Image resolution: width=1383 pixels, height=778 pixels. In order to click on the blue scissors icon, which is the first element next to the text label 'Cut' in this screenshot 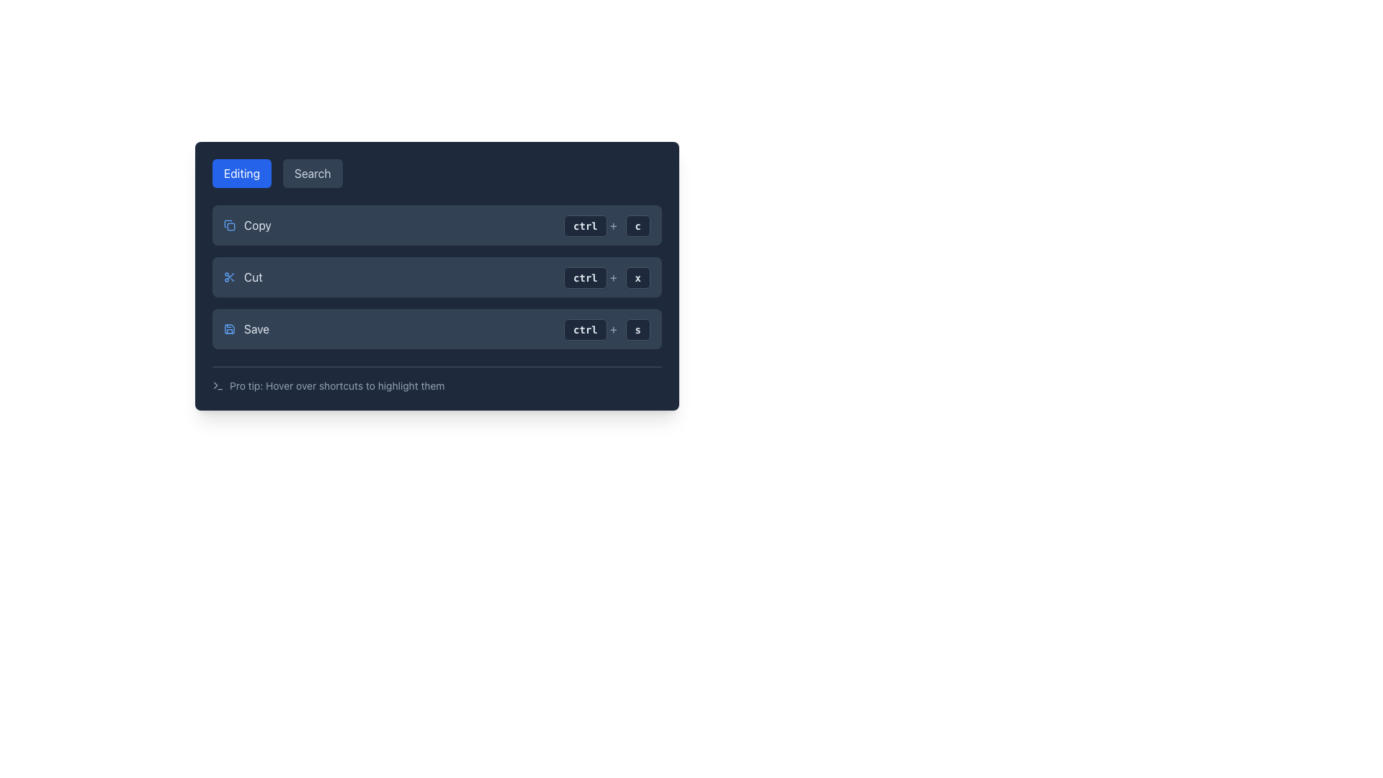, I will do `click(228, 277)`.